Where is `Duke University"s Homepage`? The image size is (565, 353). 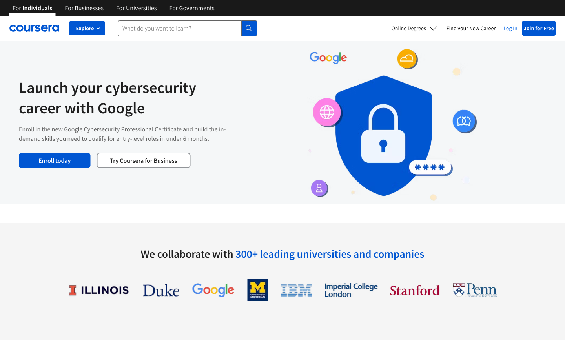 Duke University"s Homepage is located at coordinates (160, 289).